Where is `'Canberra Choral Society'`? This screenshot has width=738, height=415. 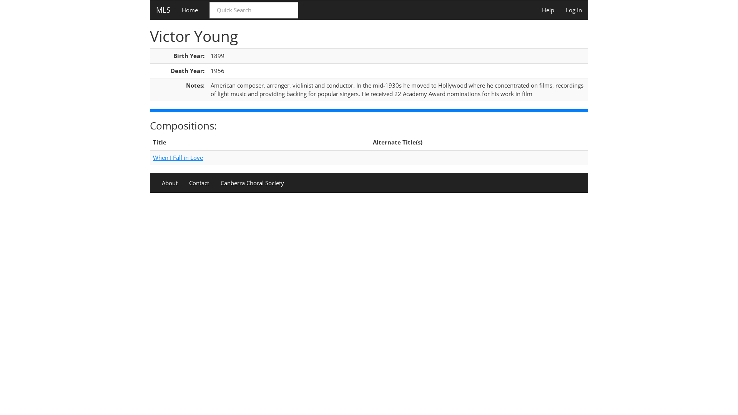
'Canberra Choral Society' is located at coordinates (252, 183).